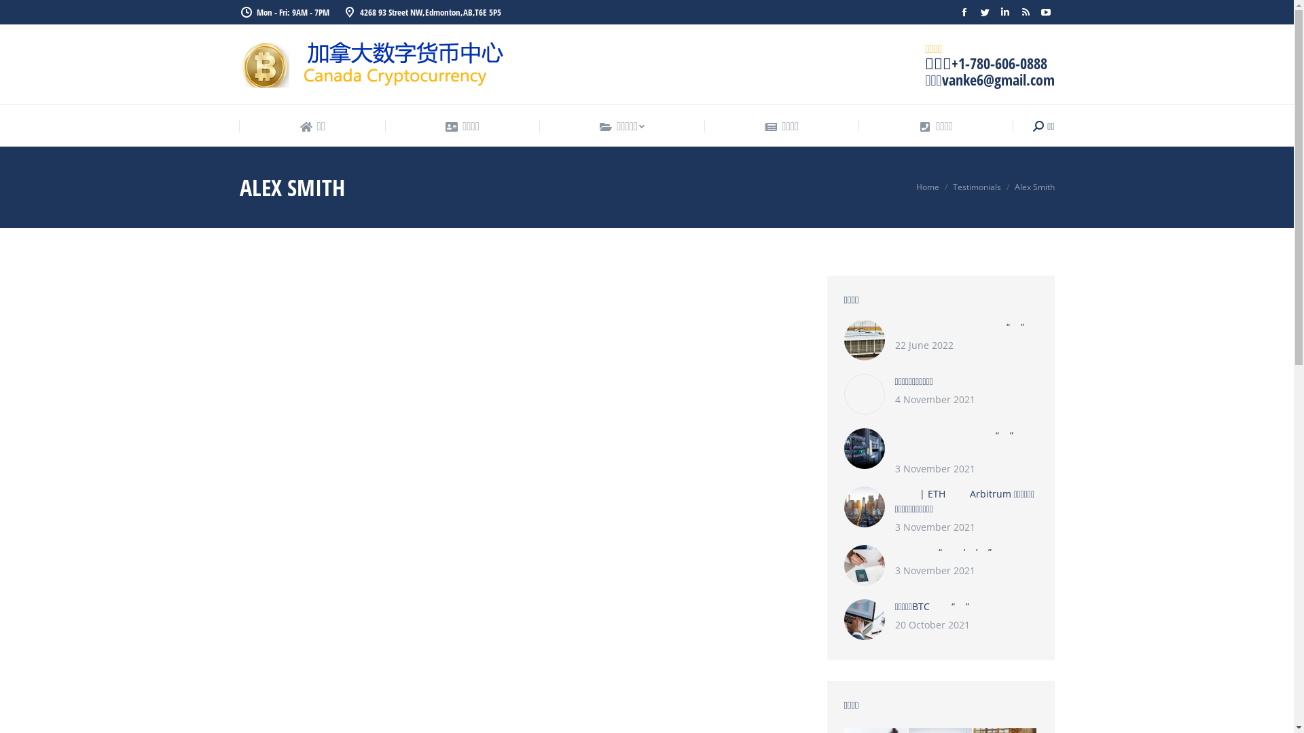 Image resolution: width=1304 pixels, height=733 pixels. What do you see at coordinates (1024, 12) in the screenshot?
I see `'Rss page opens in new window'` at bounding box center [1024, 12].